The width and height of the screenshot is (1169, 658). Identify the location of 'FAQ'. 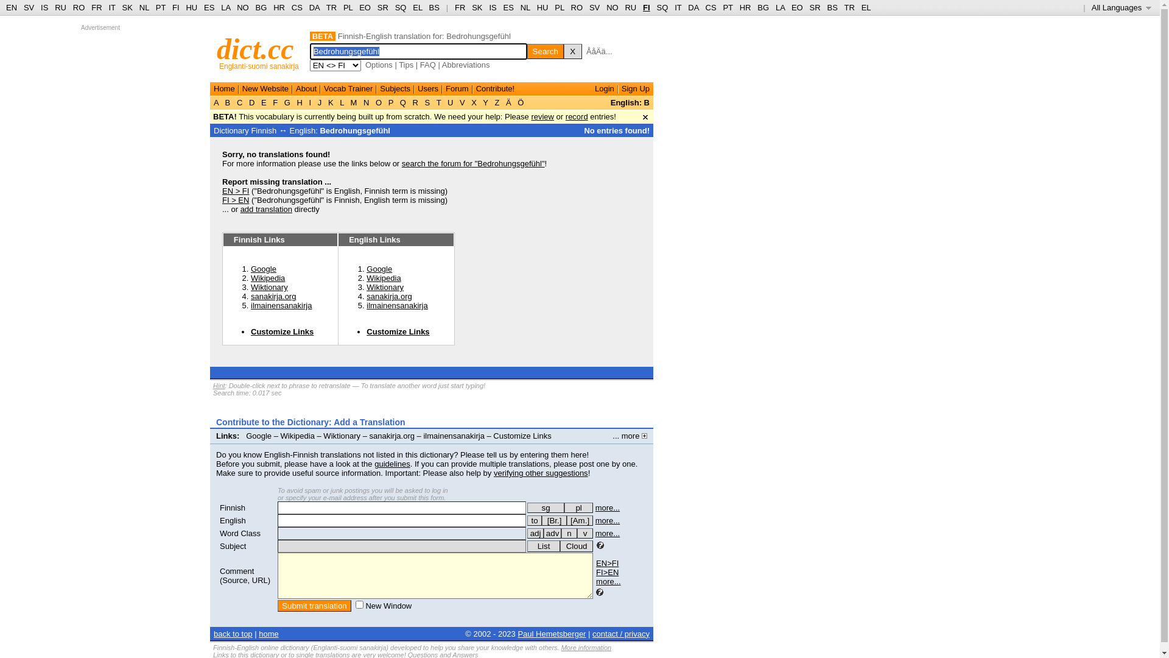
(427, 65).